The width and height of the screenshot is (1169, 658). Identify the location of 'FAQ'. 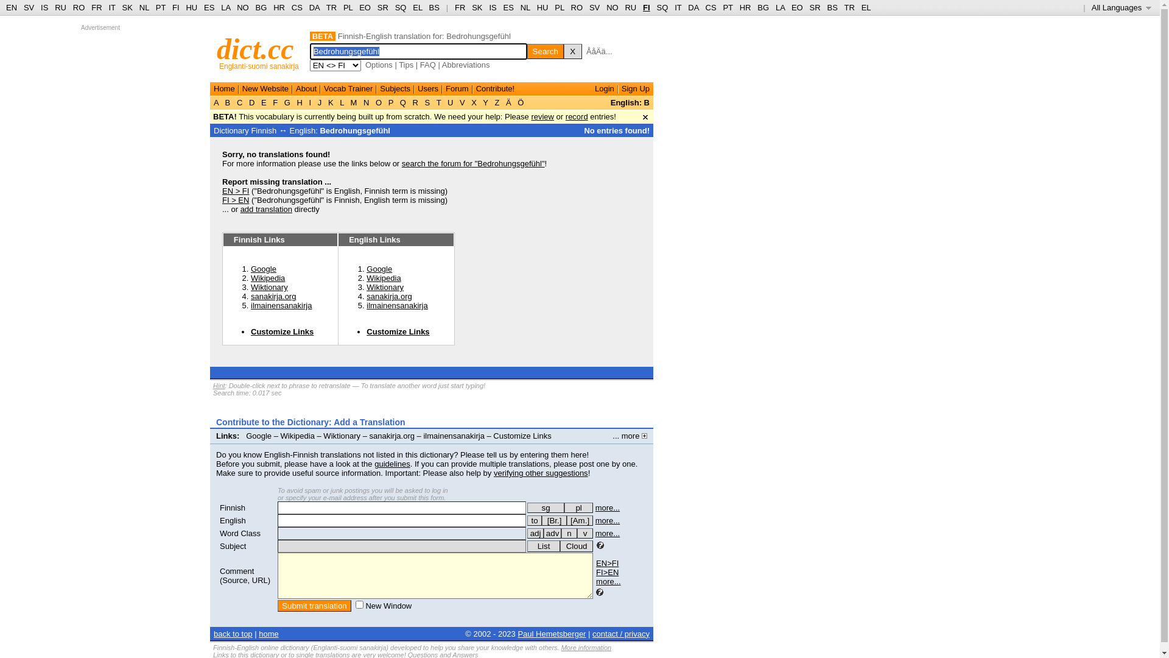
(427, 65).